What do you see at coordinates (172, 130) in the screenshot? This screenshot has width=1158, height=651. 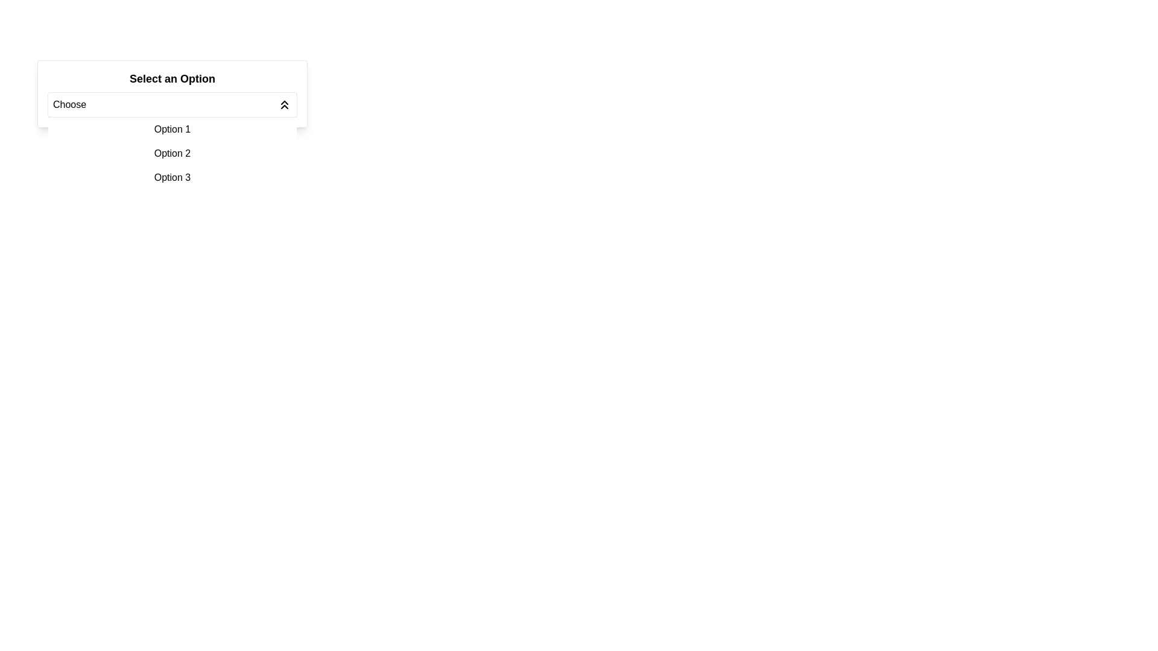 I see `the first list item labeled 'Option 1' in the dropdown menu, which is styled with padding and a hover effect that changes the background color` at bounding box center [172, 130].